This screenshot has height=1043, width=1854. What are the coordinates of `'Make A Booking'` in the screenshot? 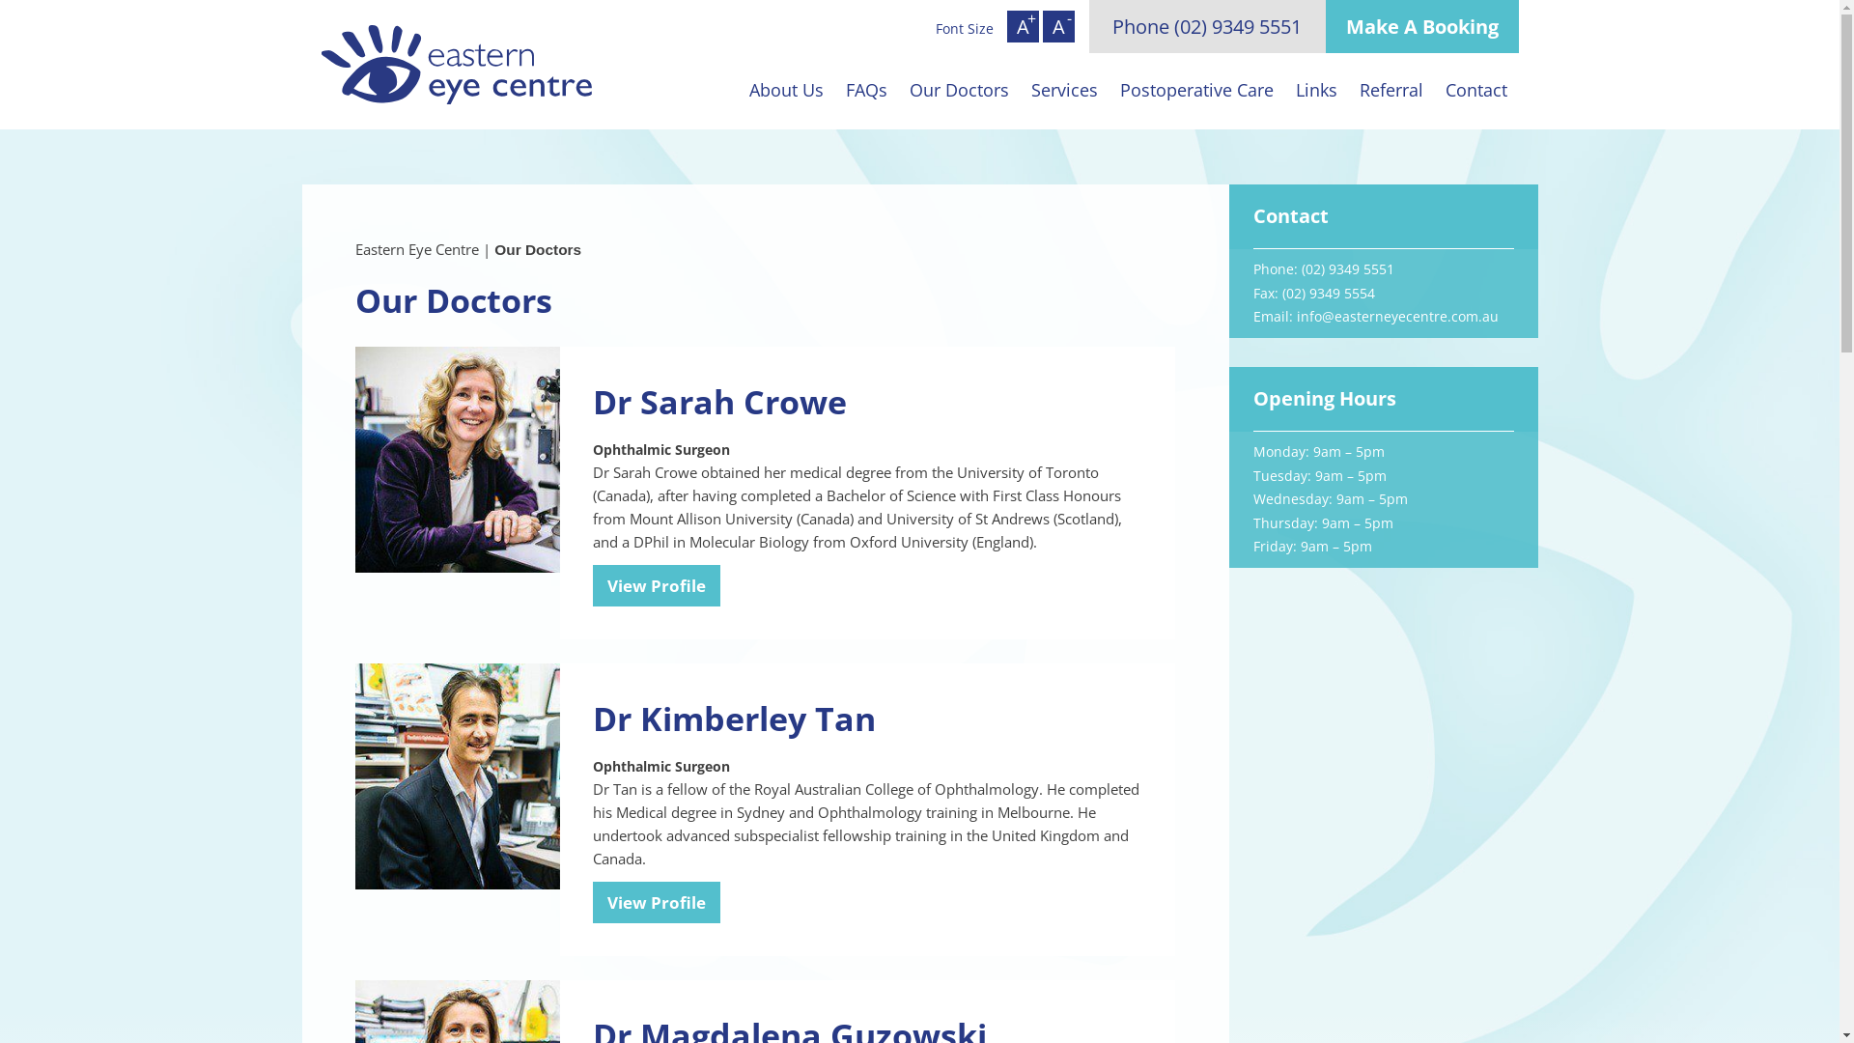 It's located at (1421, 26).